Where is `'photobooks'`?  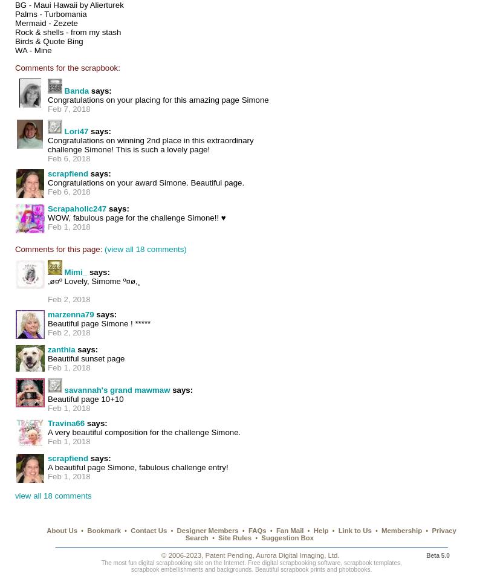
'photobooks' is located at coordinates (353, 569).